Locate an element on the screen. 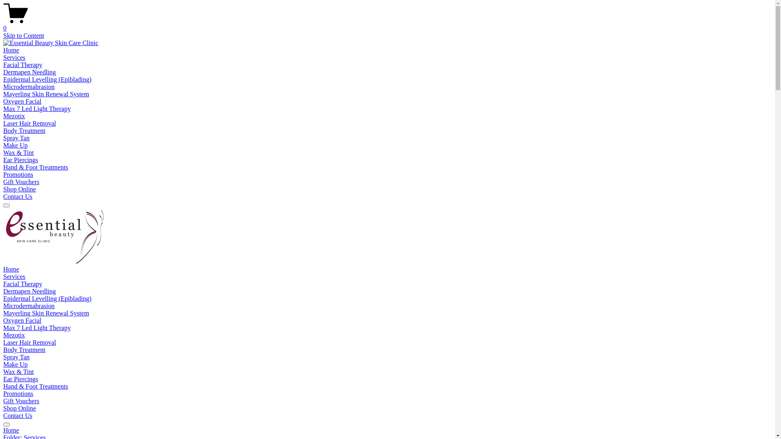 The image size is (781, 439). 'Home' is located at coordinates (11, 269).